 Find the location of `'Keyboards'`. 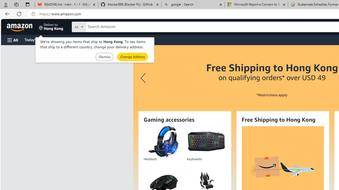

'Keyboards' is located at coordinates (206, 141).